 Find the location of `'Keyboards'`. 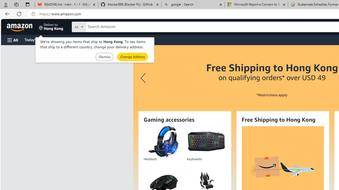

'Keyboards' is located at coordinates (206, 141).